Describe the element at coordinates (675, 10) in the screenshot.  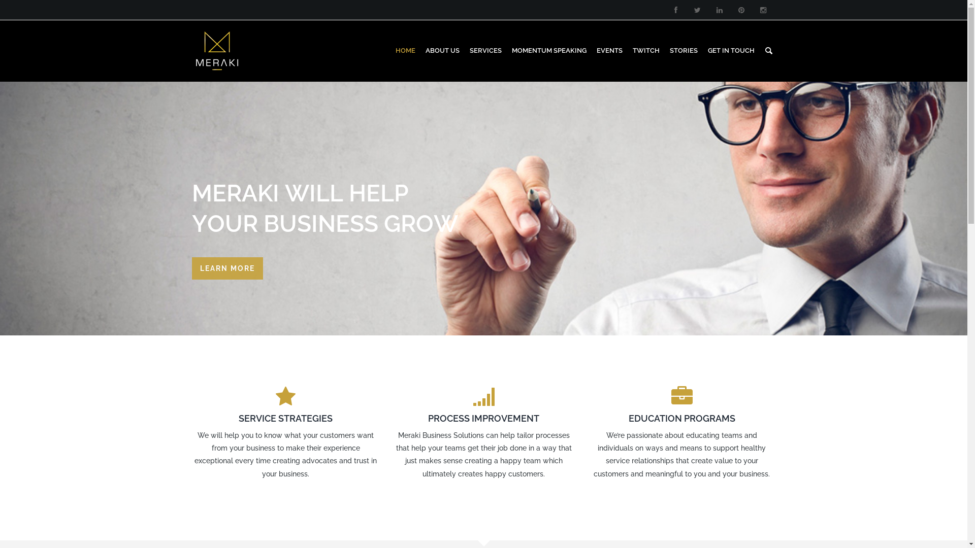
I see `'facebook'` at that location.